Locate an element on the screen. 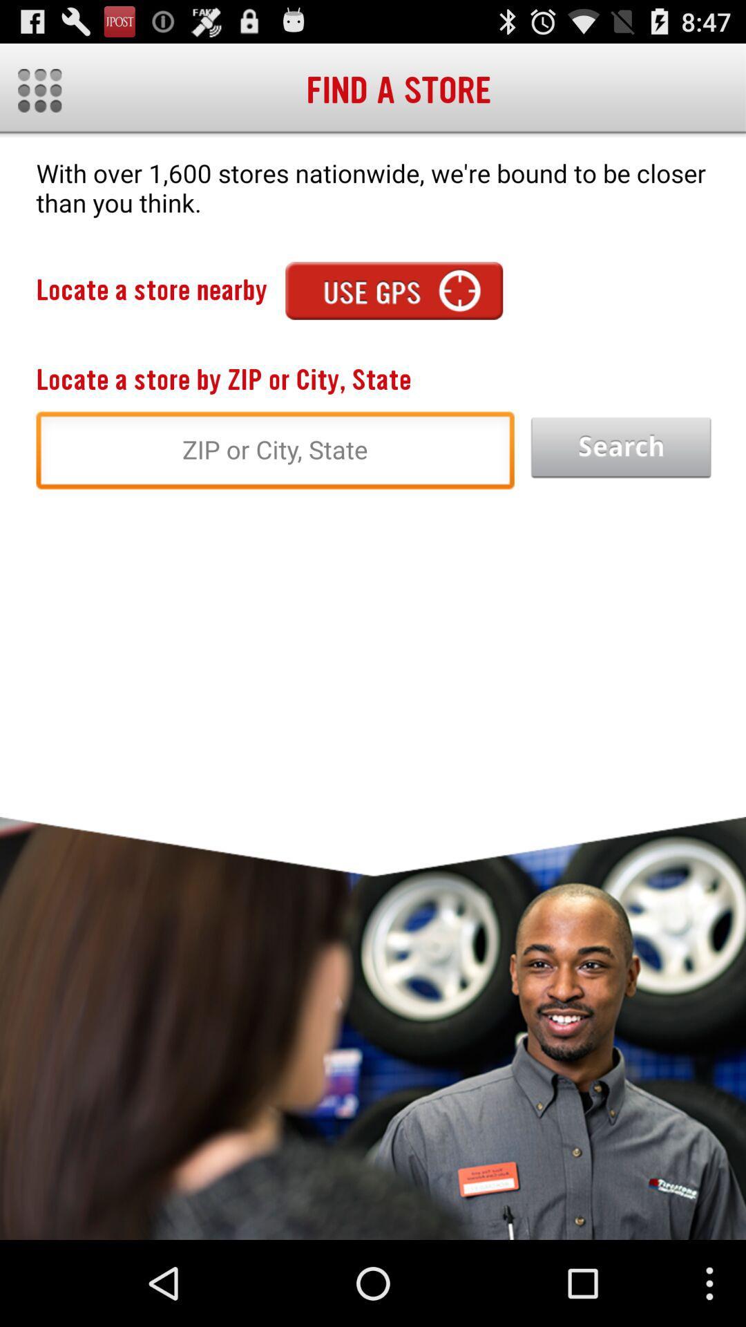 Image resolution: width=746 pixels, height=1327 pixels. menu is located at coordinates (39, 90).